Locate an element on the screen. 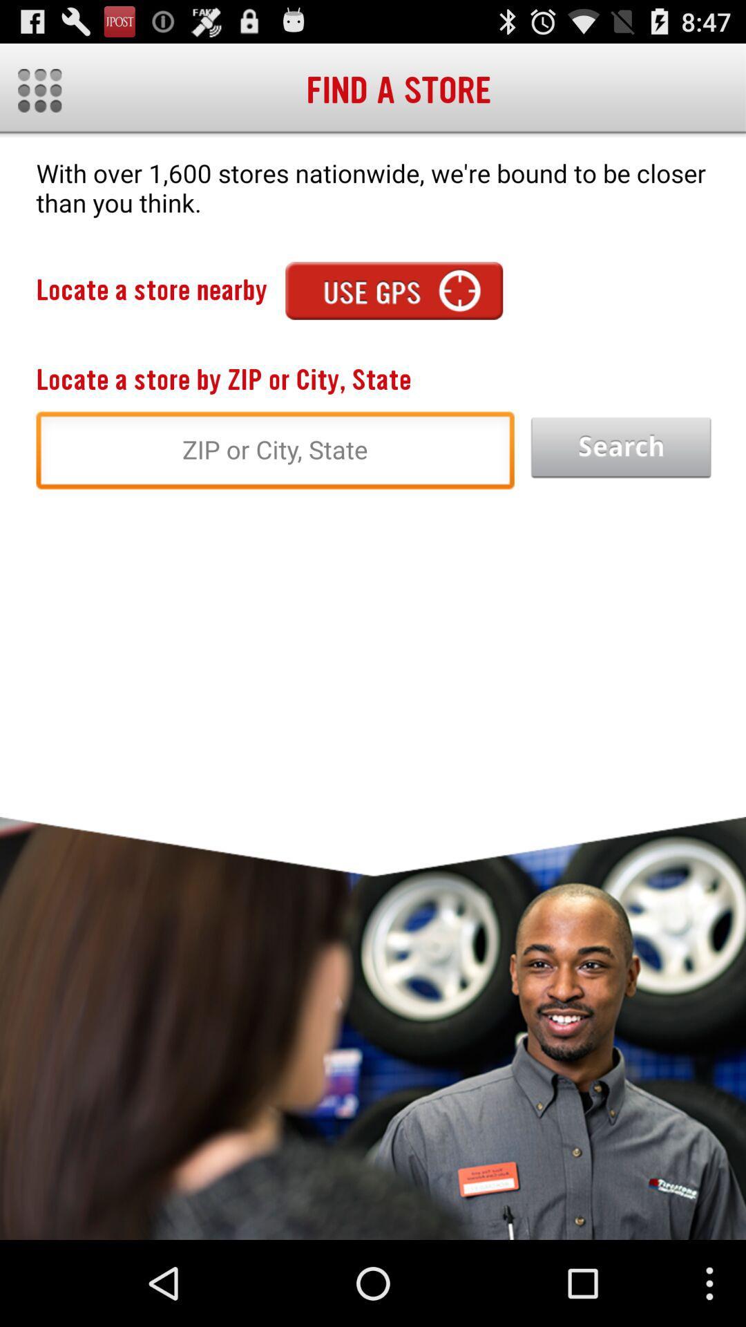 Image resolution: width=746 pixels, height=1327 pixels. menu is located at coordinates (39, 90).